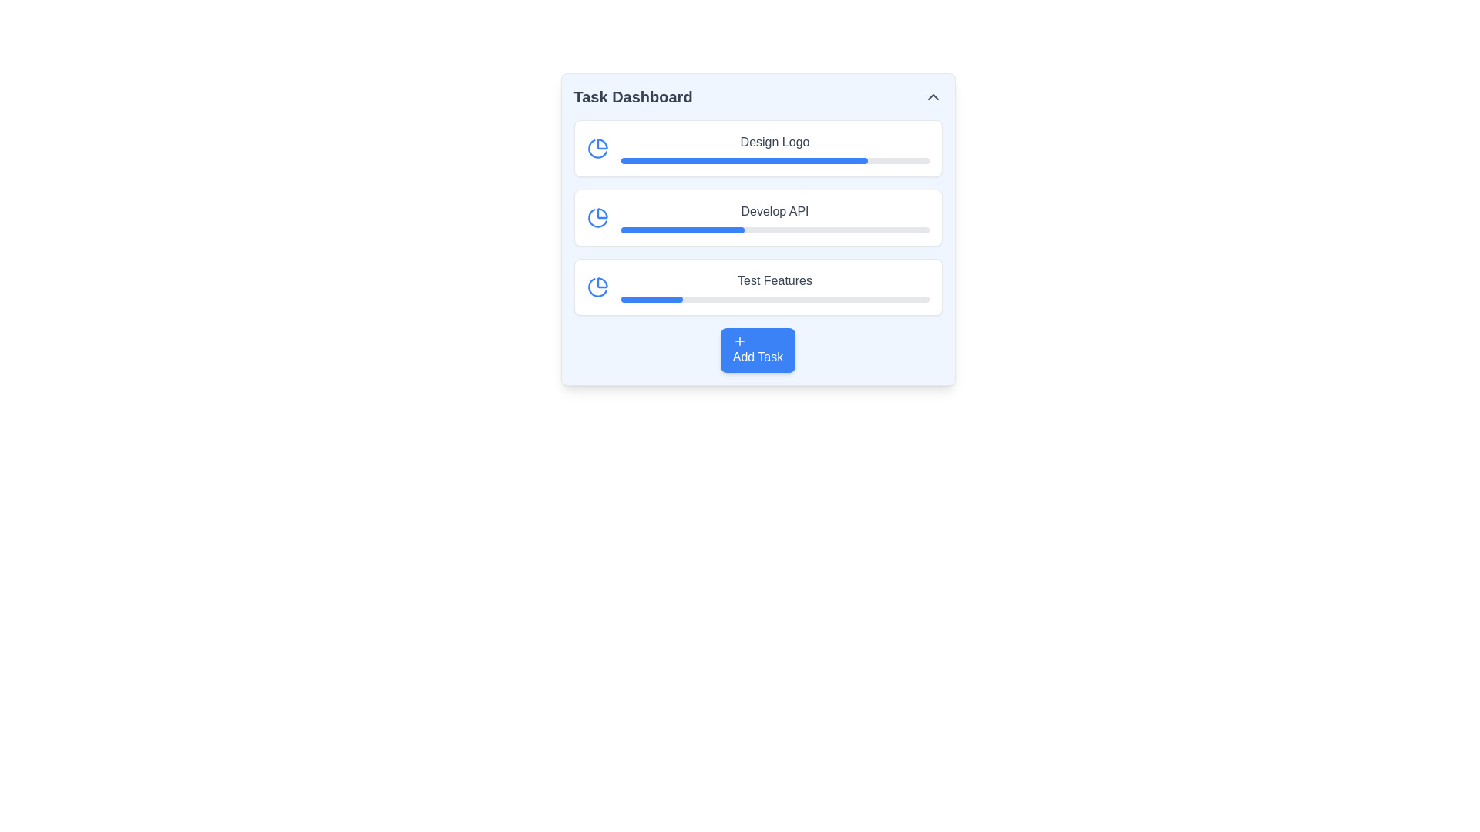 The height and width of the screenshot is (832, 1480). Describe the element at coordinates (758, 351) in the screenshot. I see `the button located at the bottom-center of the 'Task Dashboard' panel` at that location.